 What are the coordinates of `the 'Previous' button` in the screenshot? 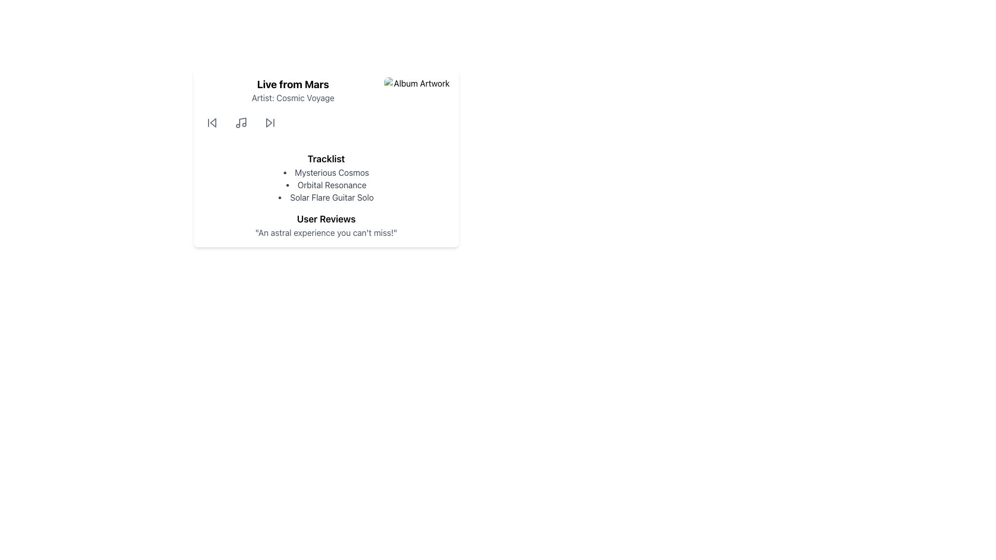 It's located at (211, 122).